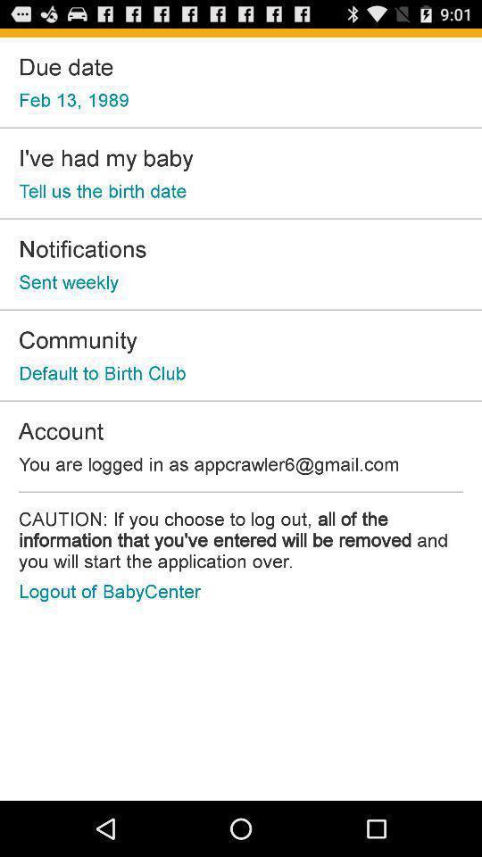  What do you see at coordinates (110, 591) in the screenshot?
I see `logout of babycenter` at bounding box center [110, 591].